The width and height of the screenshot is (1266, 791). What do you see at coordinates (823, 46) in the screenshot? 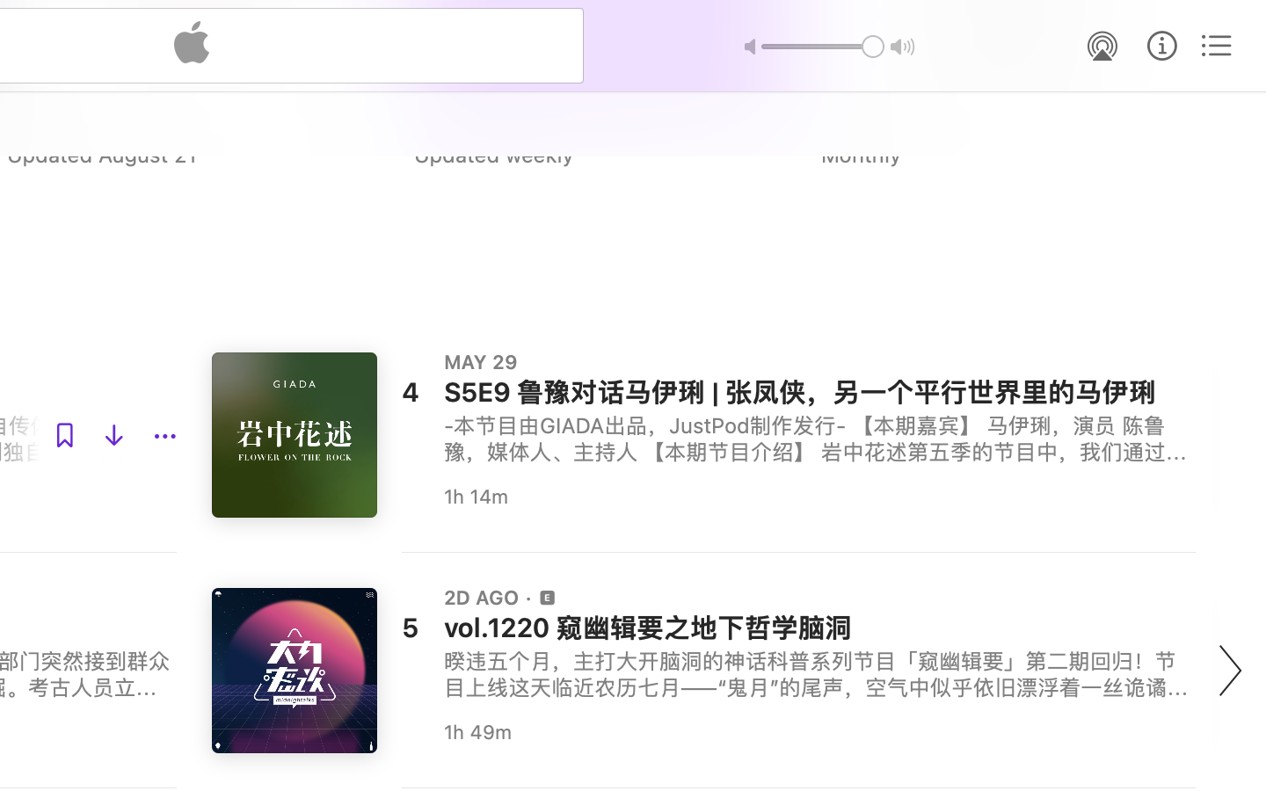
I see `'1.0'` at bounding box center [823, 46].